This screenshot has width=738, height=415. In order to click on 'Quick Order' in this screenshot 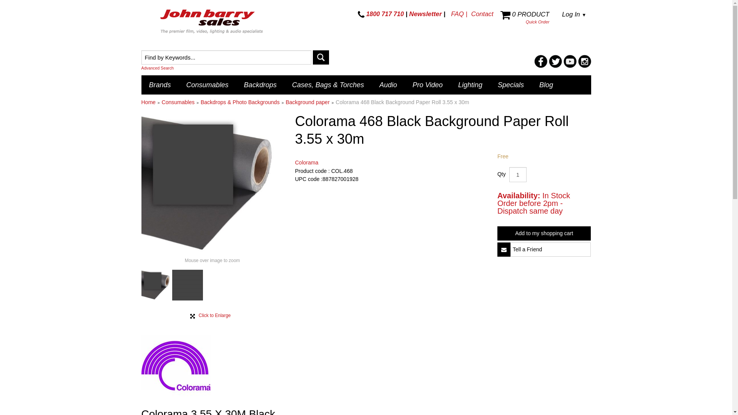, I will do `click(537, 22)`.